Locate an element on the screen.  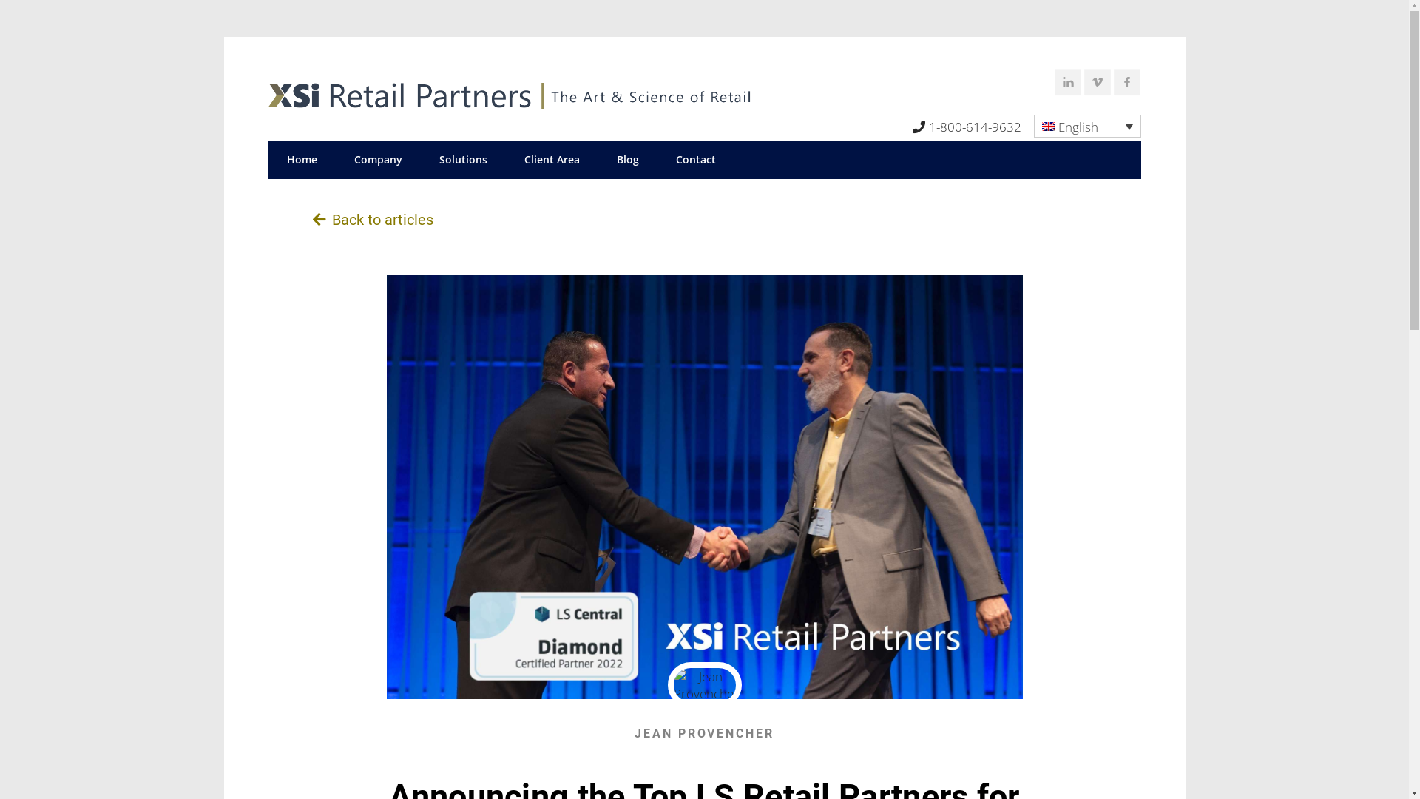
'Vimeo' is located at coordinates (1100, 84).